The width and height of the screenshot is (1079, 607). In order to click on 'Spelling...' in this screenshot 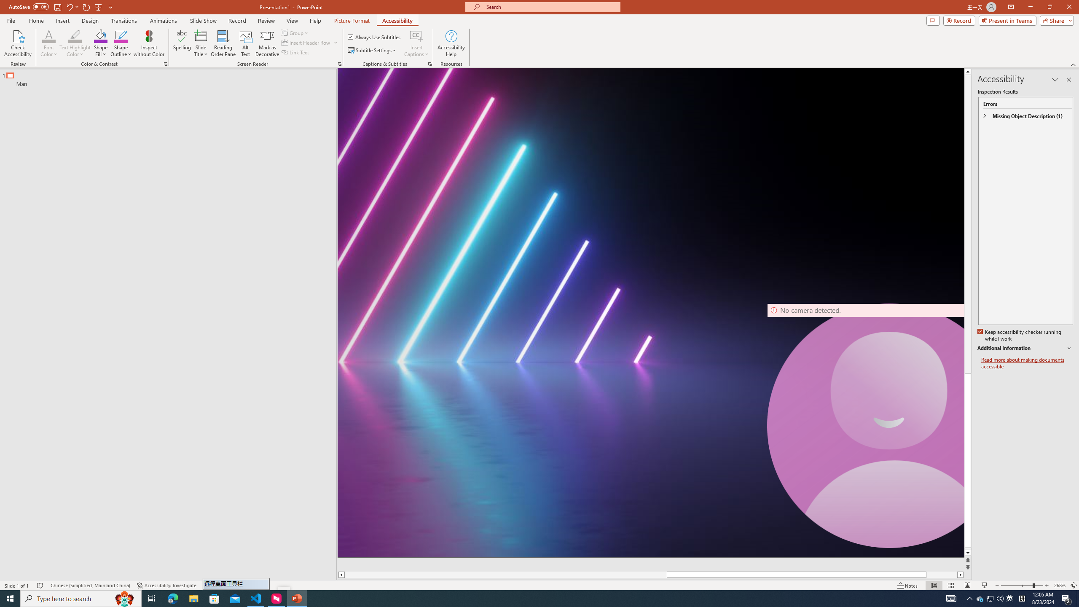, I will do `click(182, 43)`.